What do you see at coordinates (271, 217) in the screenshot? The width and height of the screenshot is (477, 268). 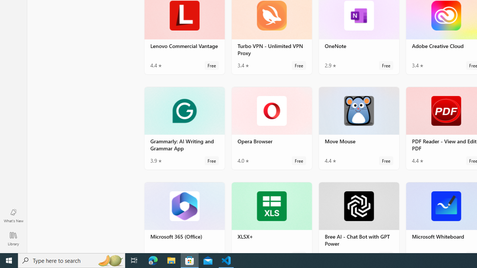 I see `'XLSX+. Average rating of 4.6 out of five stars. Free  '` at bounding box center [271, 217].